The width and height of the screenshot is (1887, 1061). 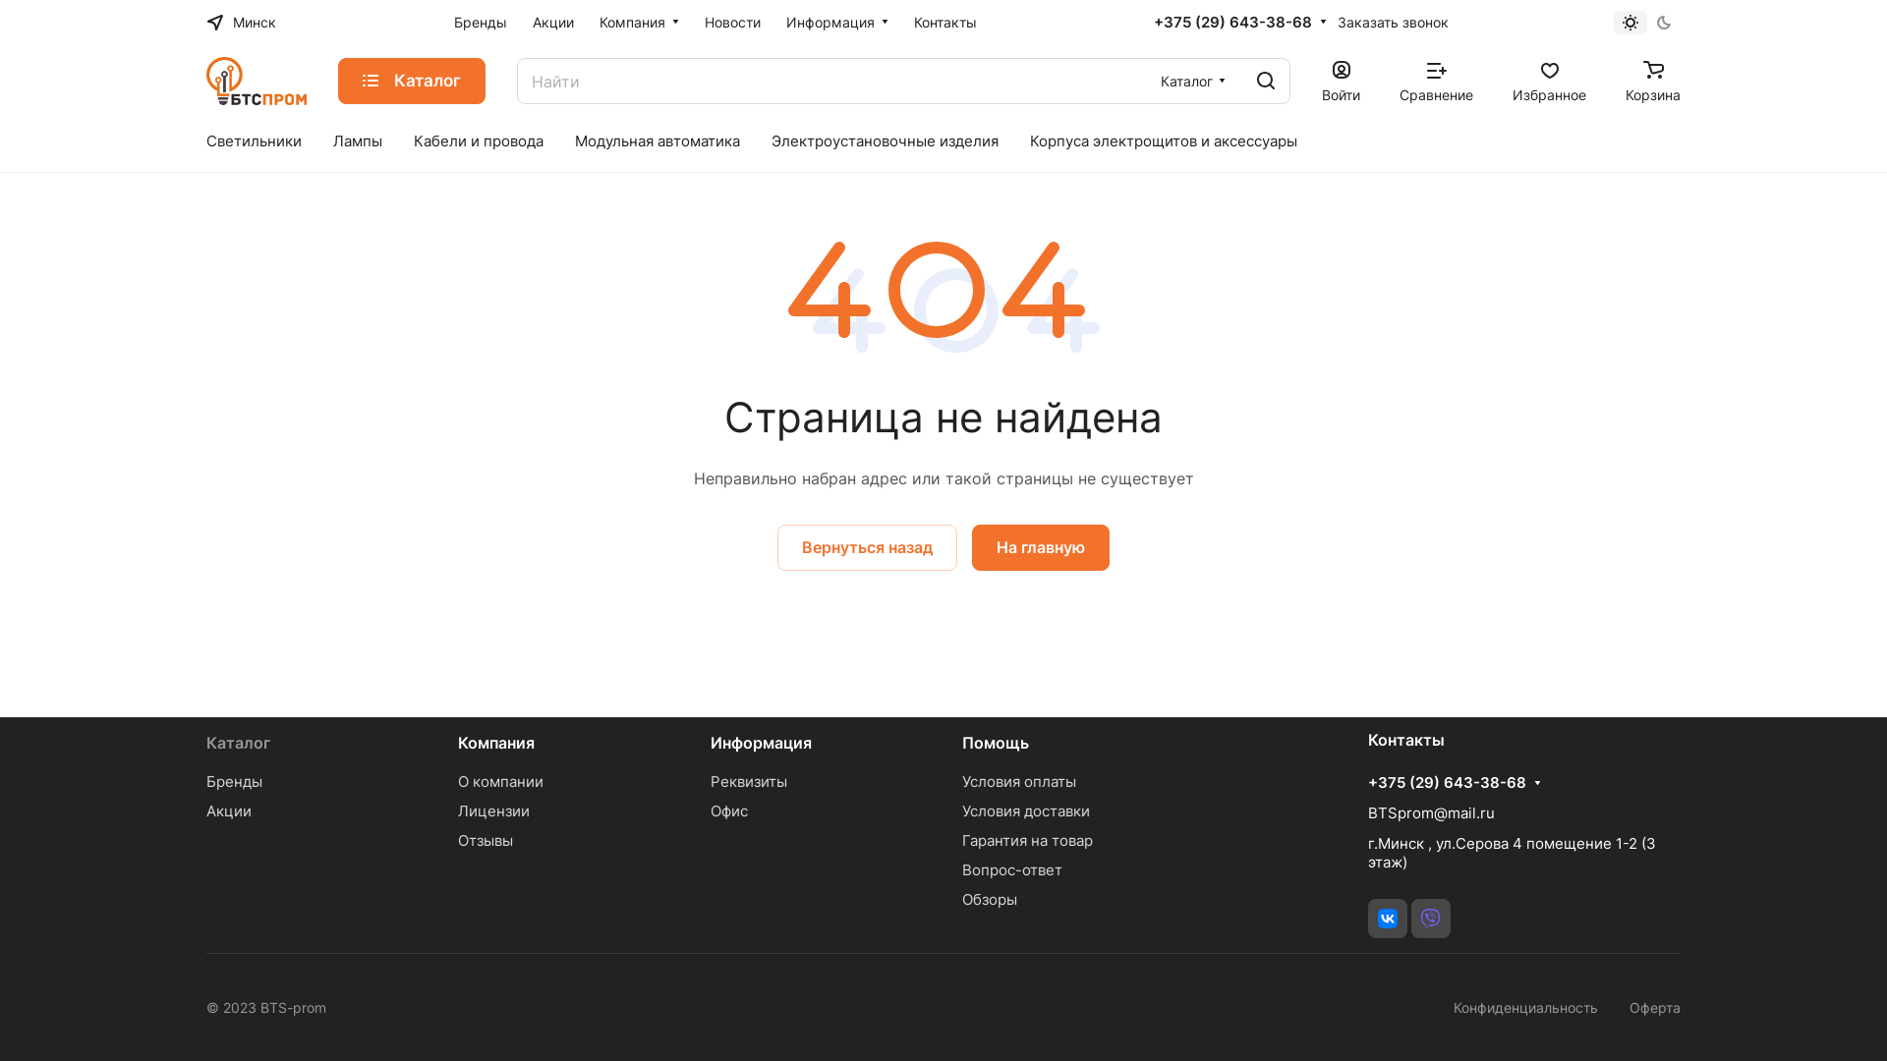 I want to click on '+375 (29) 643-38-68', so click(x=1447, y=782).